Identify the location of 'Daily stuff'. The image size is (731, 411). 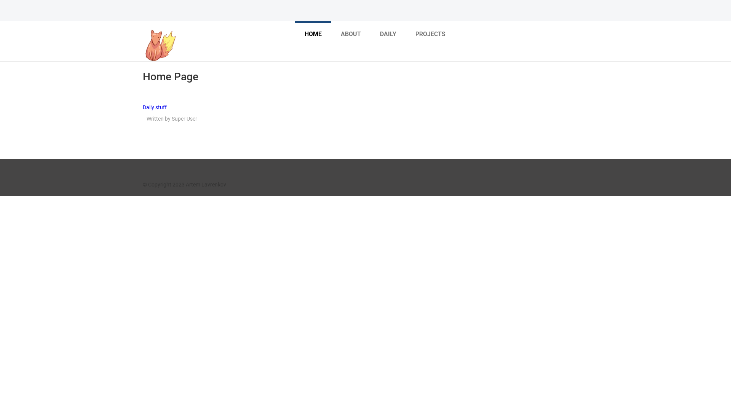
(154, 107).